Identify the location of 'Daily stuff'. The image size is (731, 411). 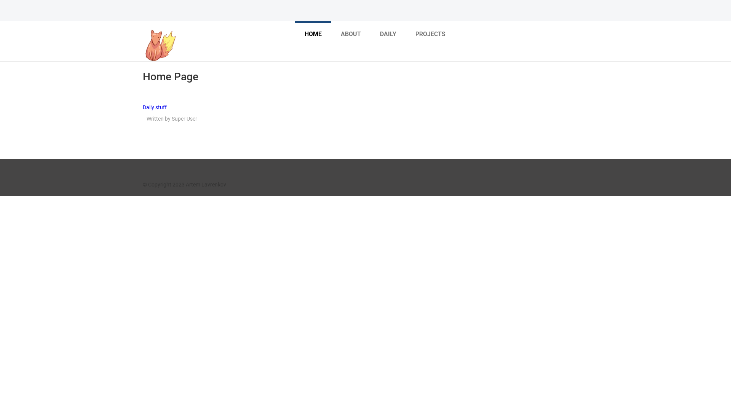
(154, 107).